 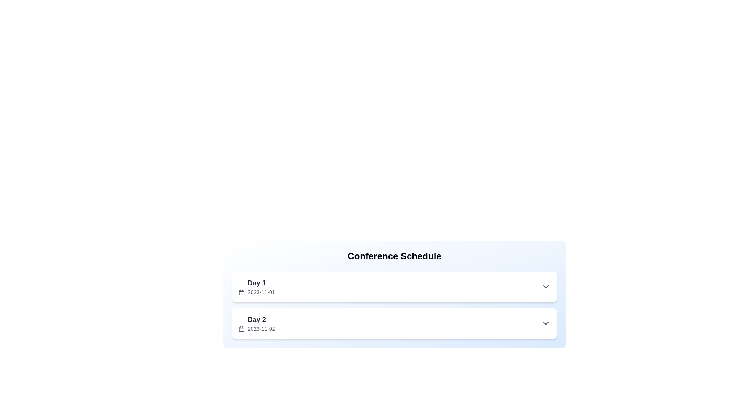 What do you see at coordinates (395, 287) in the screenshot?
I see `the first collapsible list item representing the schedule for the first day of the event` at bounding box center [395, 287].